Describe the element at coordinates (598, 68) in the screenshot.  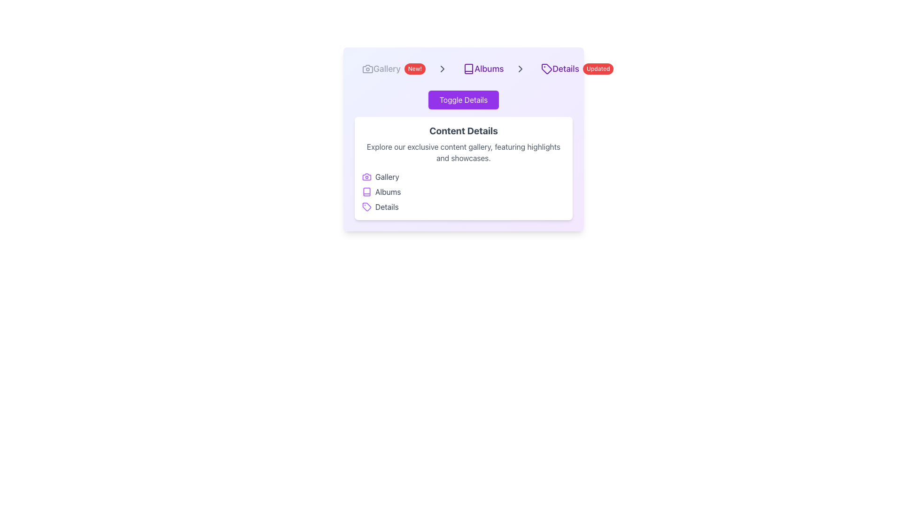
I see `the text of the Notification badge located at the rightmost side of the breadcrumb navigation bar, next to the 'Details' label` at that location.